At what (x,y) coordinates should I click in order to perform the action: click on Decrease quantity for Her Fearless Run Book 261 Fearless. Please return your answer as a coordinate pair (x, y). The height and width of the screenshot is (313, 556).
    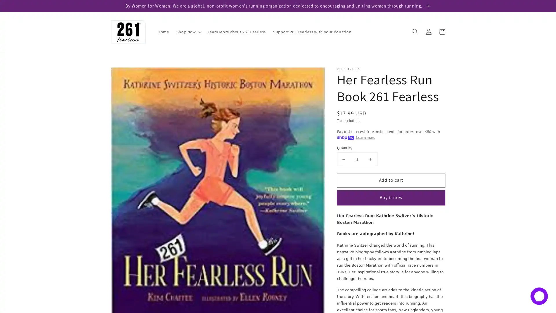
    Looking at the image, I should click on (343, 159).